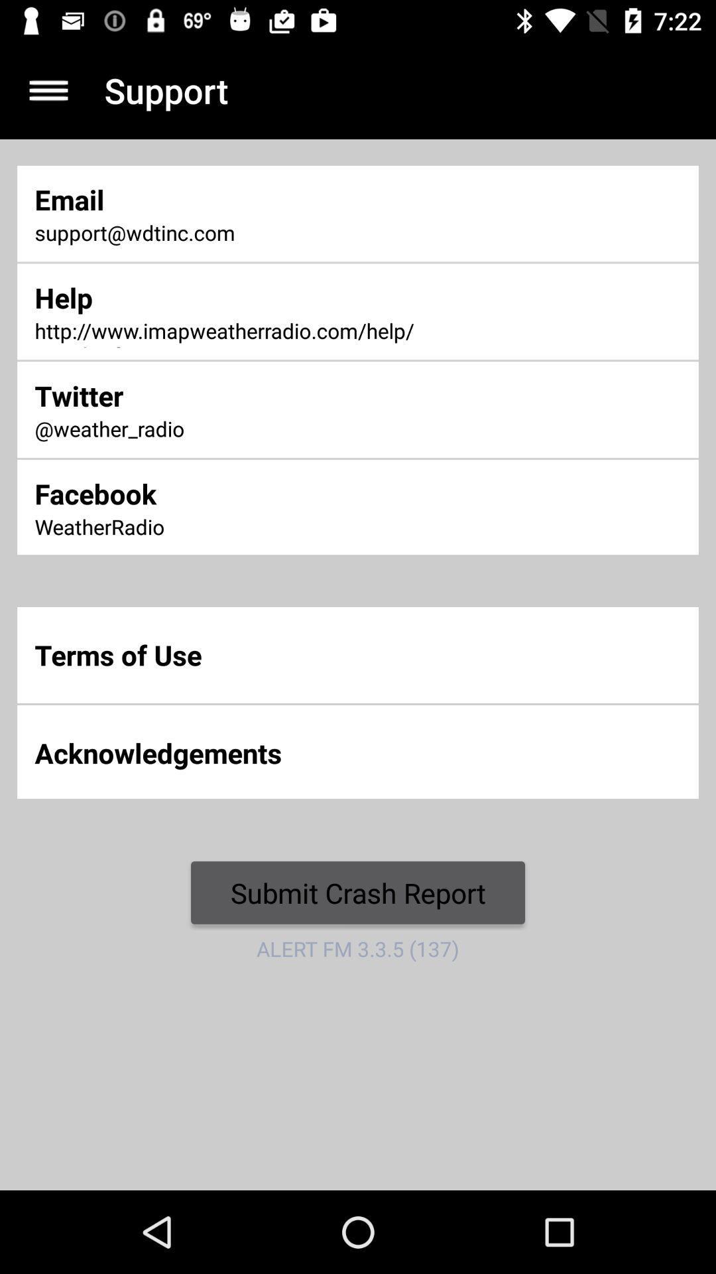 The height and width of the screenshot is (1274, 716). What do you see at coordinates (236, 430) in the screenshot?
I see `icon above facebook icon` at bounding box center [236, 430].